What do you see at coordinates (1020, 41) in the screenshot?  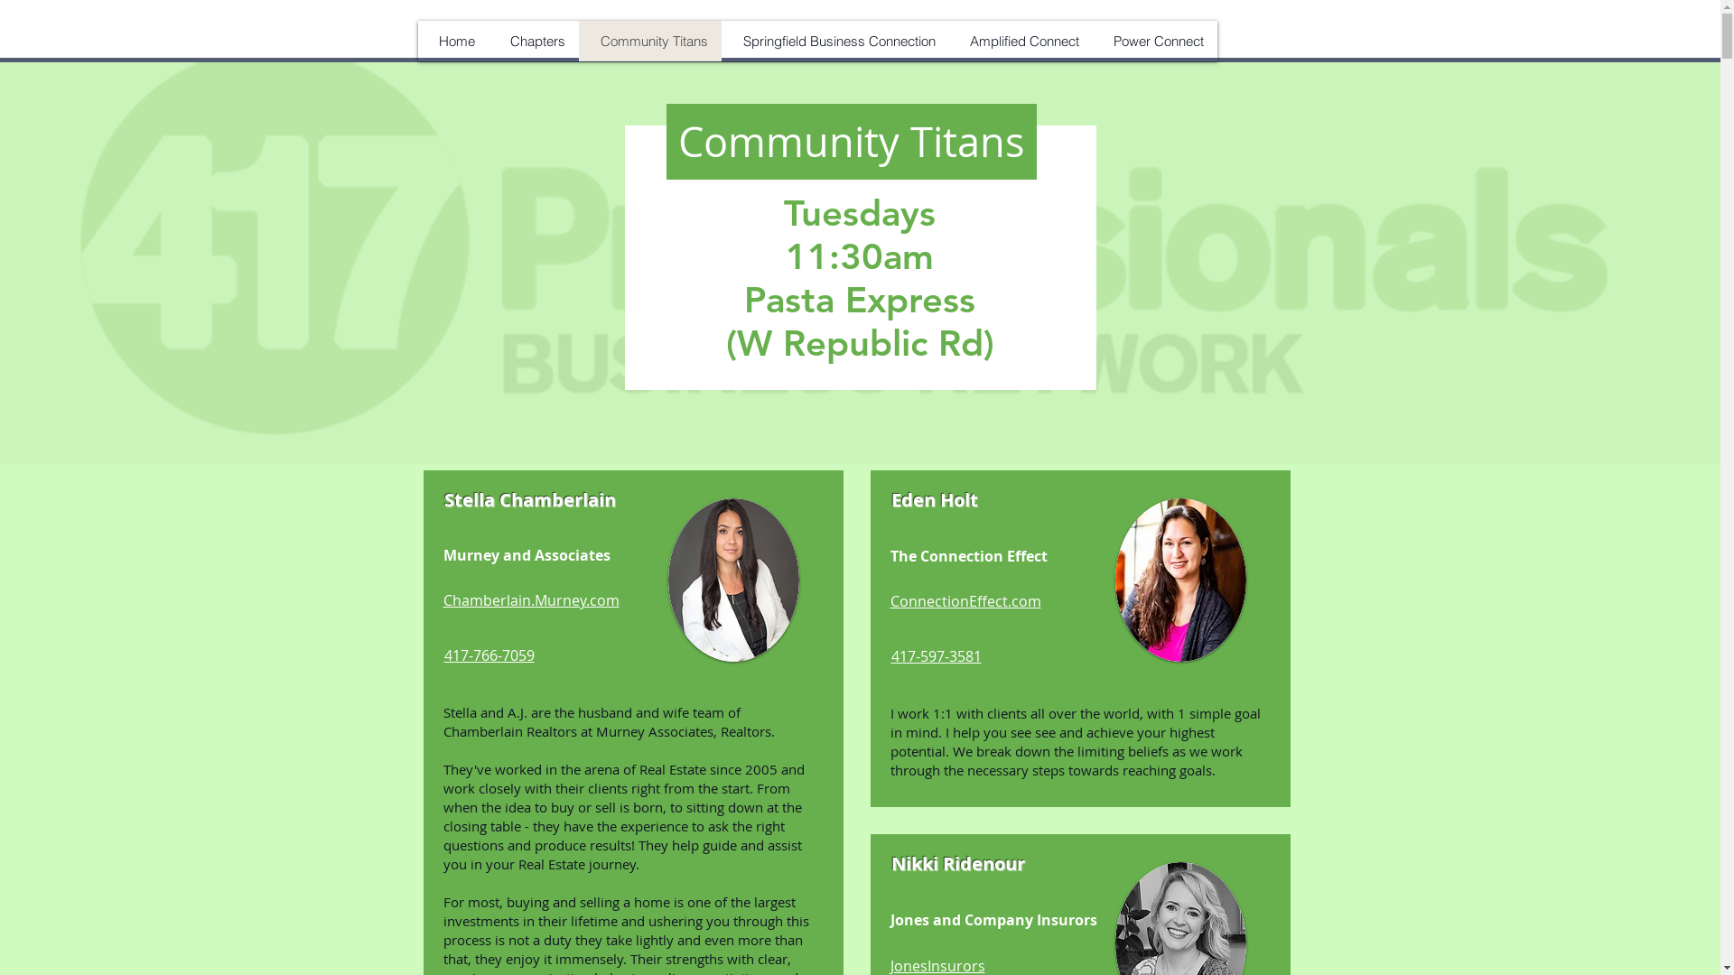 I see `'Amplified Connect'` at bounding box center [1020, 41].